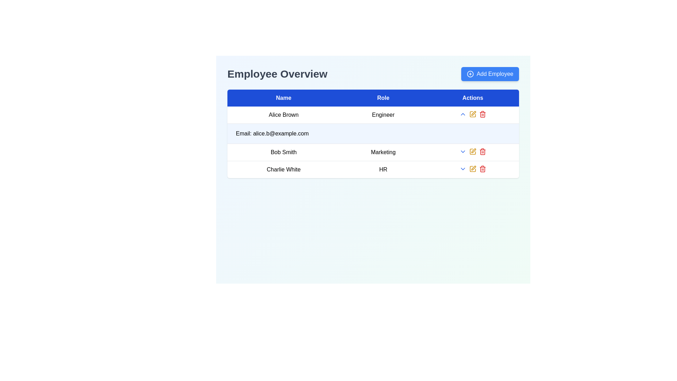 This screenshot has height=381, width=677. Describe the element at coordinates (474, 150) in the screenshot. I see `the edit icon button, which resembles a pen and is located in the 'Actions' column of the second row in the employee details table` at that location.